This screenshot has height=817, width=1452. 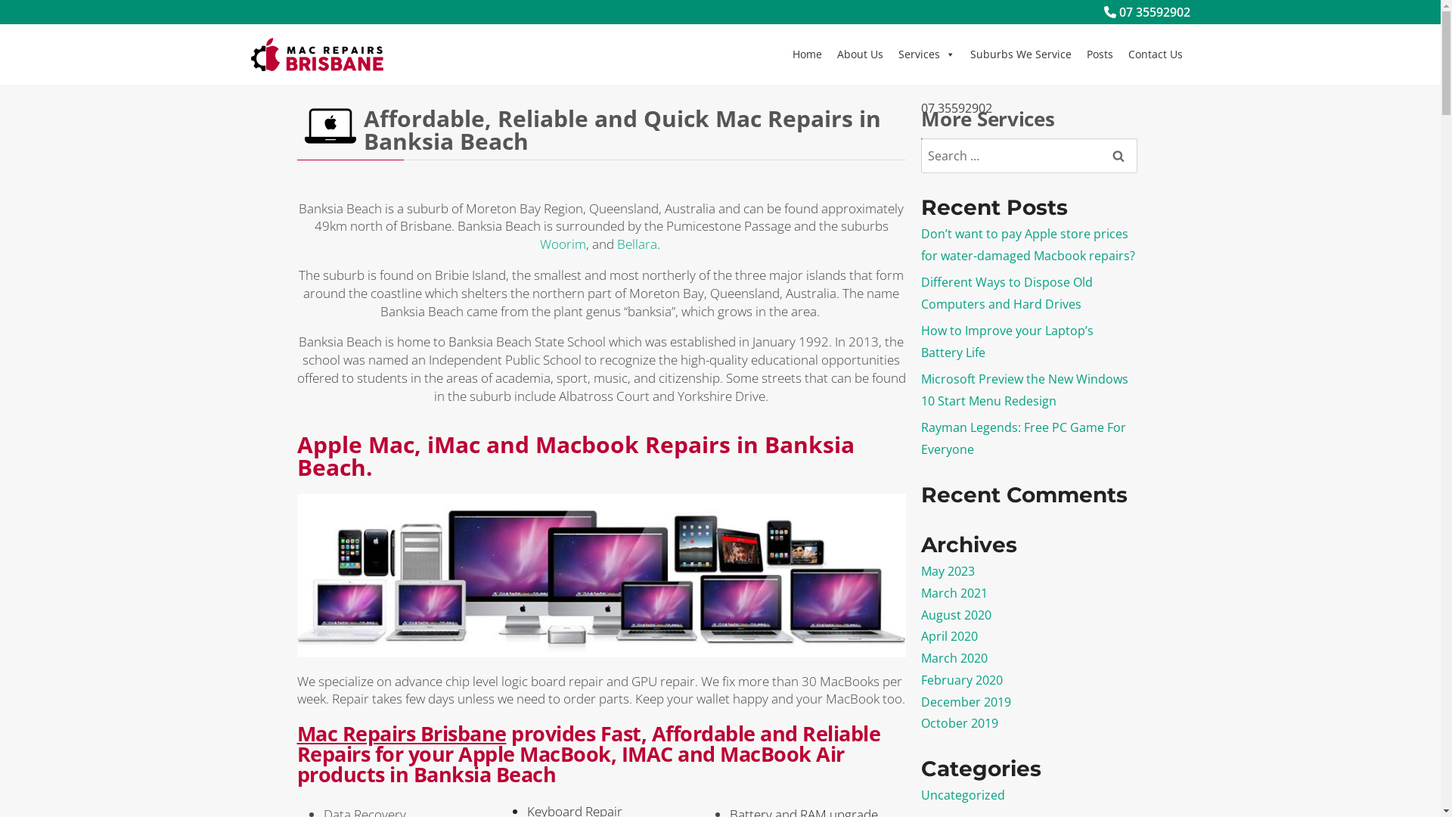 What do you see at coordinates (920, 679) in the screenshot?
I see `'February 2020'` at bounding box center [920, 679].